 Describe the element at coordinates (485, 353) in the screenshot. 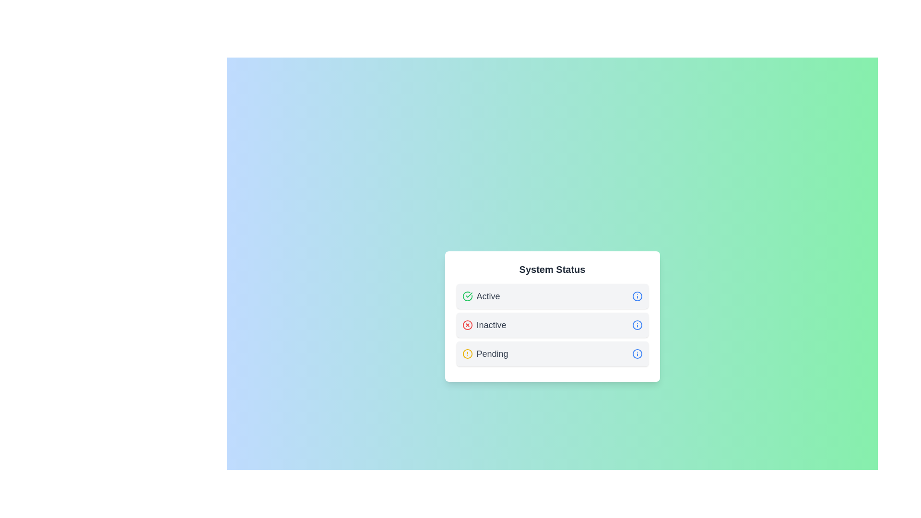

I see `the Status indicator displaying 'Pending' with a yellow circular icon and bold text, located in the third row of the System Status panel` at that location.